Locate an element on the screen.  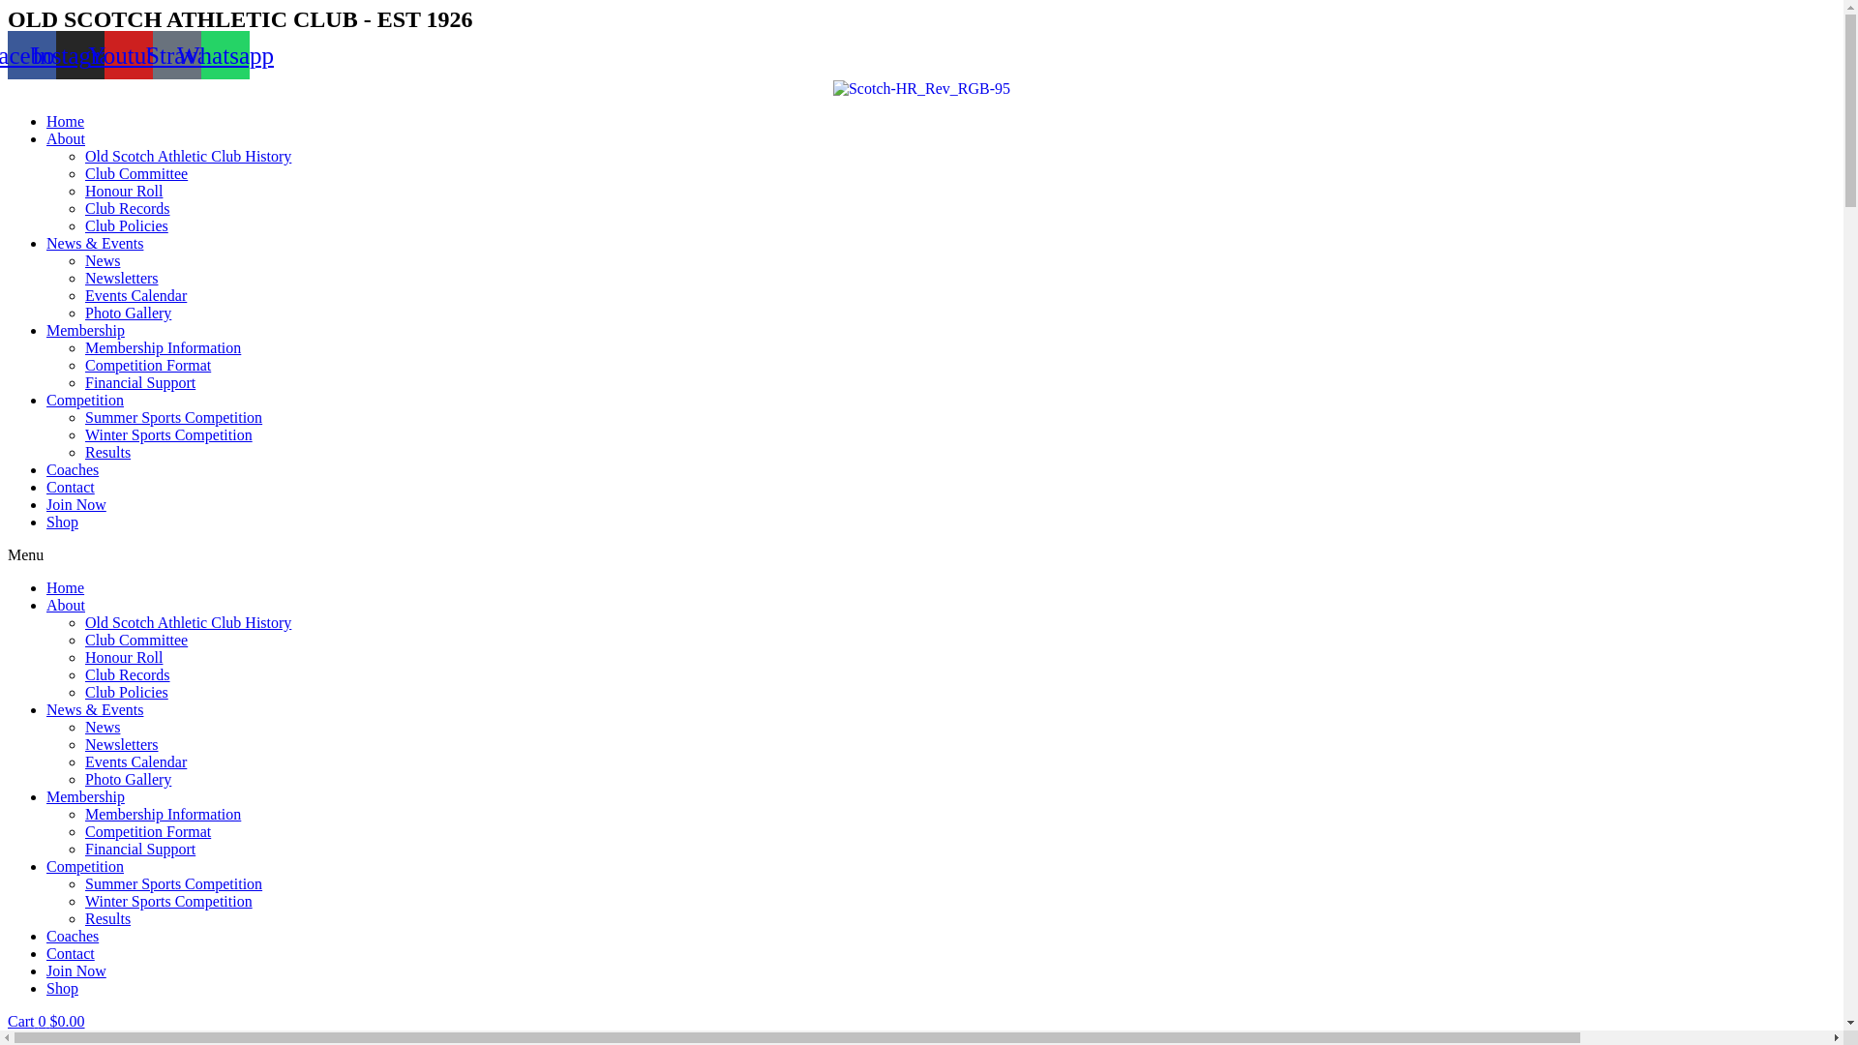
'Shop' is located at coordinates (46, 988).